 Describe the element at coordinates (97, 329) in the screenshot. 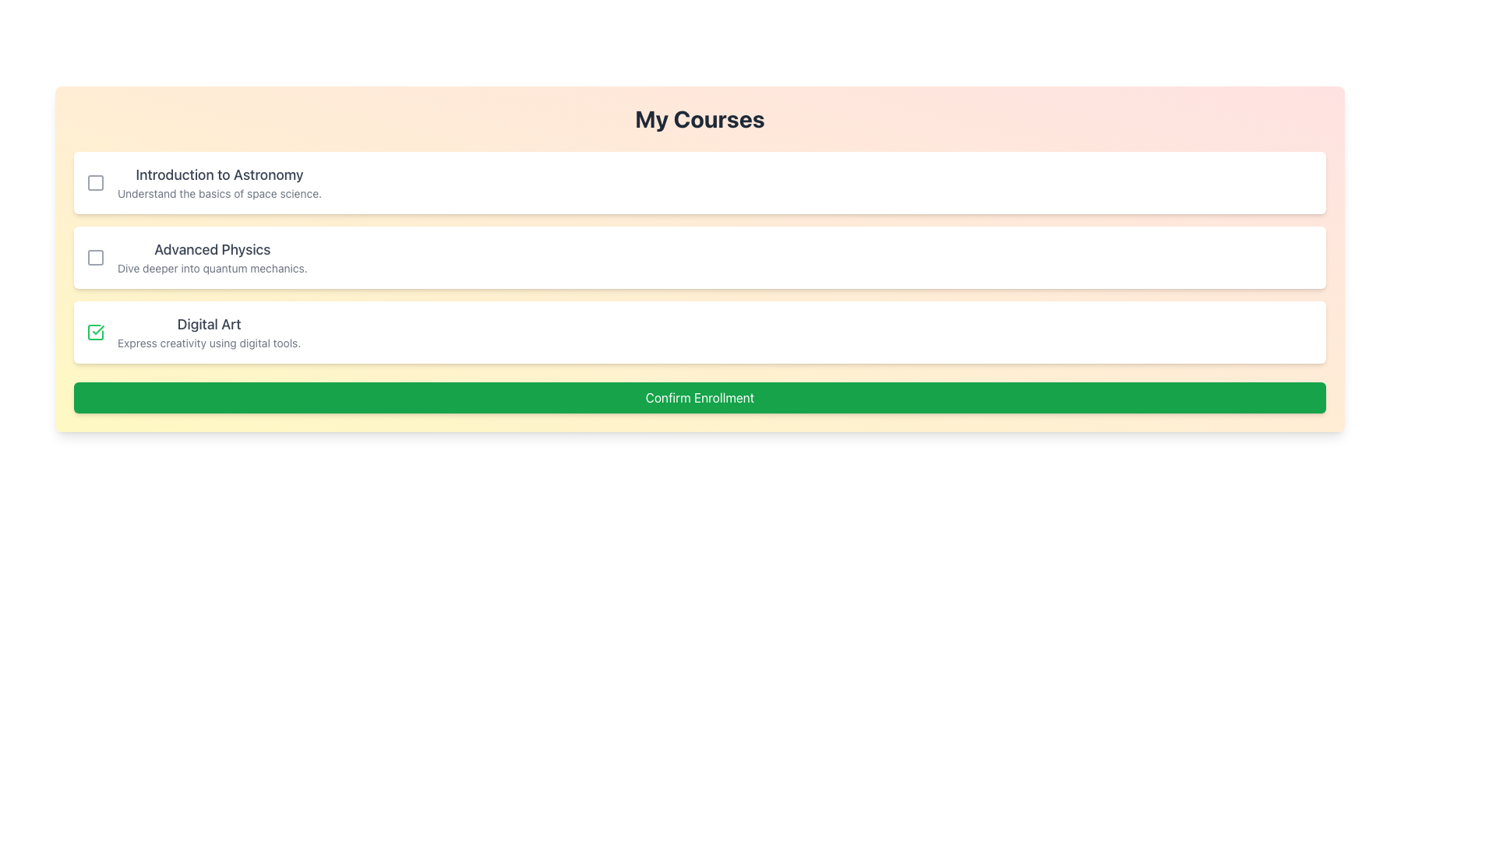

I see `the SVG-based Checkmark icon indicating the selection of the 'Digital Art' course in the third content block` at that location.